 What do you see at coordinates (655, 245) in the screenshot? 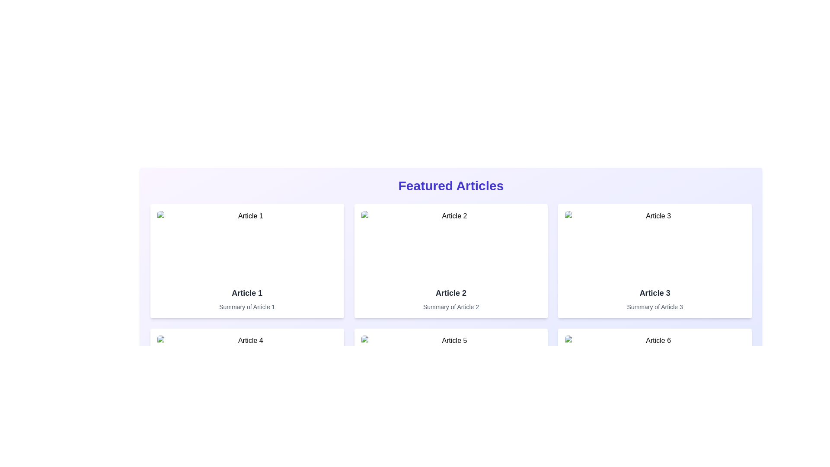
I see `the image representing the article titled 'Article 3', located at the top of the card in the 'Featured Articles' panel` at bounding box center [655, 245].